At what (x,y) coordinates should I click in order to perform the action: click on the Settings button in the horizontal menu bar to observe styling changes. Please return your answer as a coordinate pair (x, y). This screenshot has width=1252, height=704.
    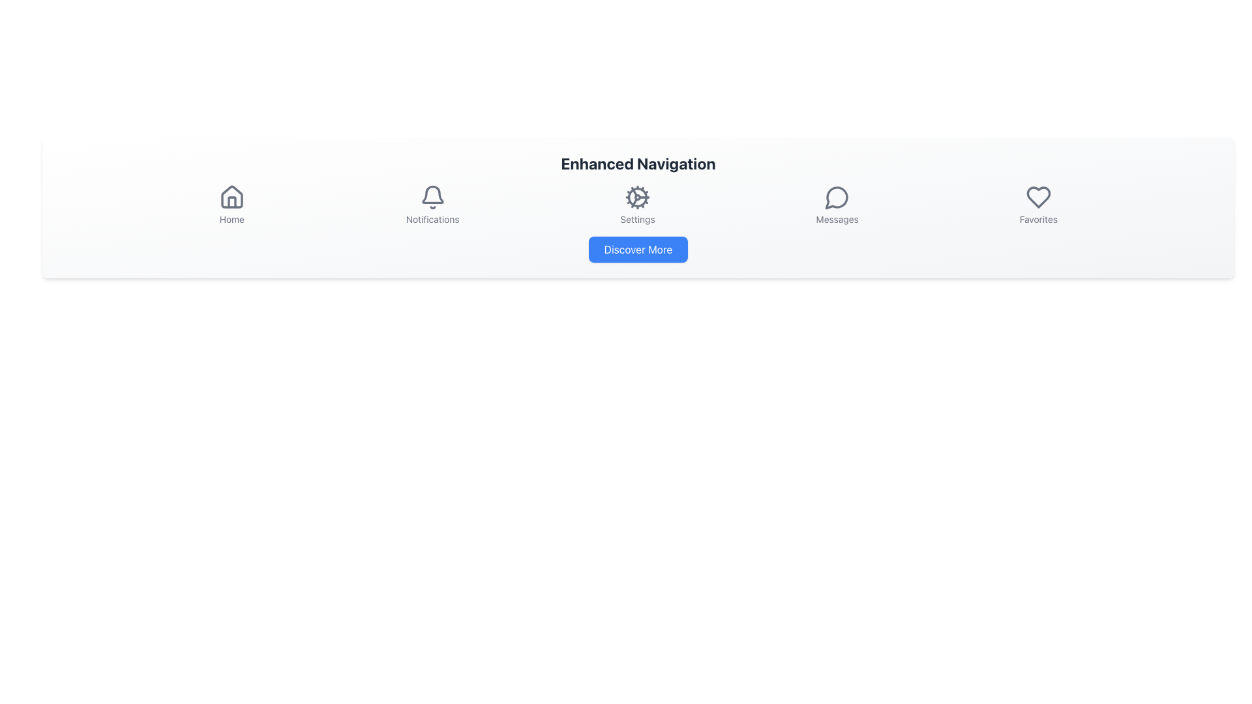
    Looking at the image, I should click on (638, 205).